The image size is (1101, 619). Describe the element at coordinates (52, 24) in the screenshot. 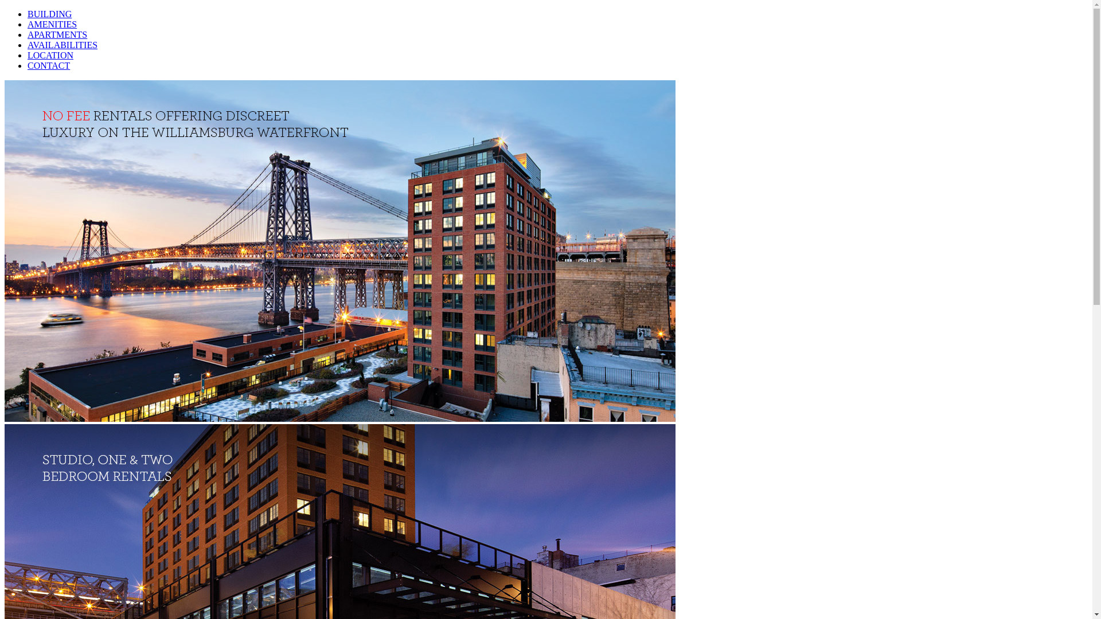

I see `'AMENITIES'` at that location.